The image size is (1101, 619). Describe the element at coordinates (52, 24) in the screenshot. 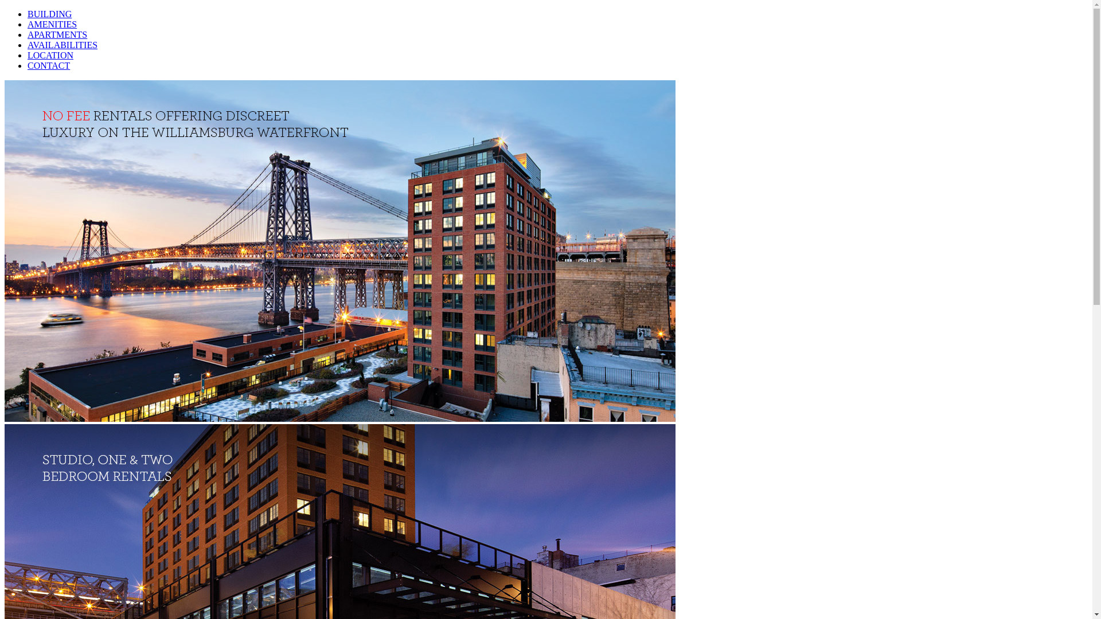

I see `'AMENITIES'` at that location.